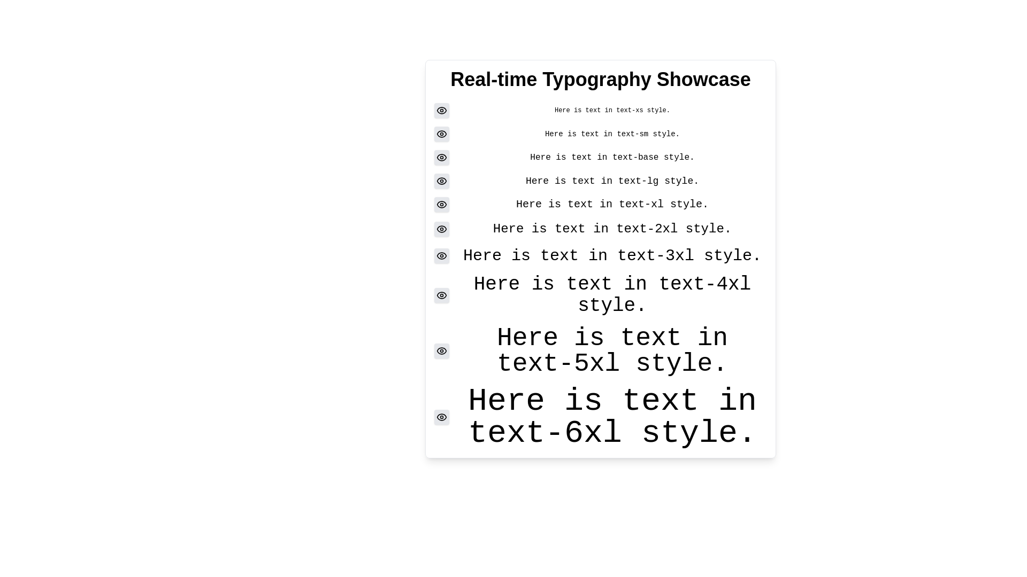  I want to click on the fourth eye-shaped icon in the vertical sequence, which is styled with a modern minimalist design and located next to text in the 'text-xl' format, so click(441, 204).